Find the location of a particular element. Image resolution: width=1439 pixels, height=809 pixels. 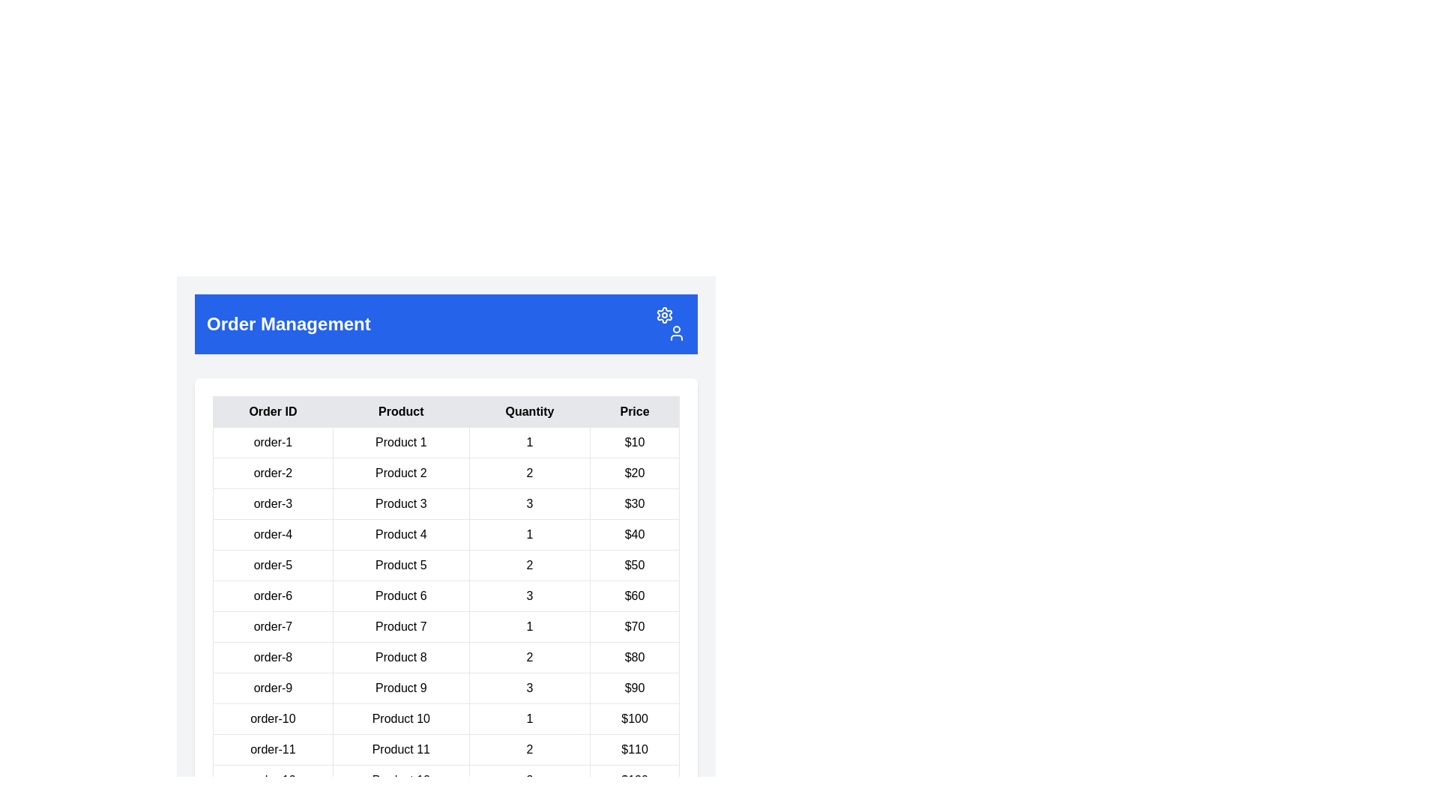

the cogwheel icon button, which is the first in a horizontal group of icons located in the top-right corner of the blue header area is located at coordinates (664, 314).